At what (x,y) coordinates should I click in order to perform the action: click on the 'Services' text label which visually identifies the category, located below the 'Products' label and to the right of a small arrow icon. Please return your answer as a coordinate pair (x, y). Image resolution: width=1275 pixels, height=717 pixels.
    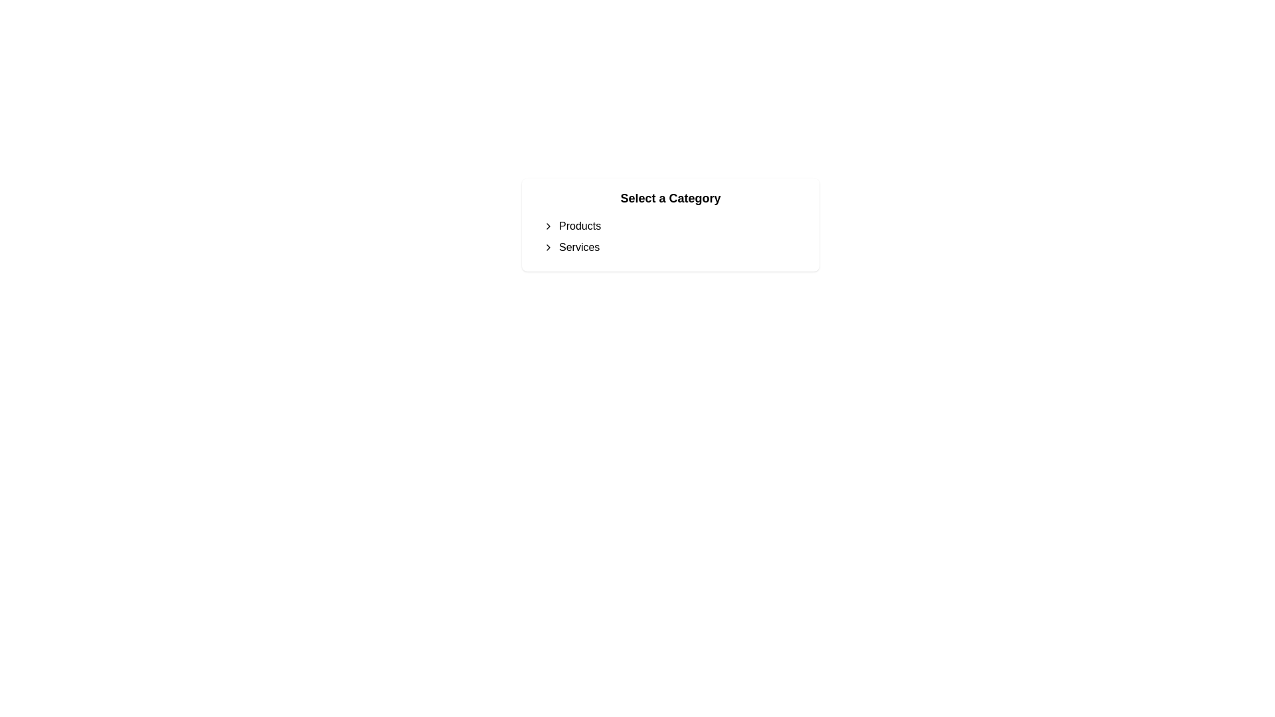
    Looking at the image, I should click on (579, 248).